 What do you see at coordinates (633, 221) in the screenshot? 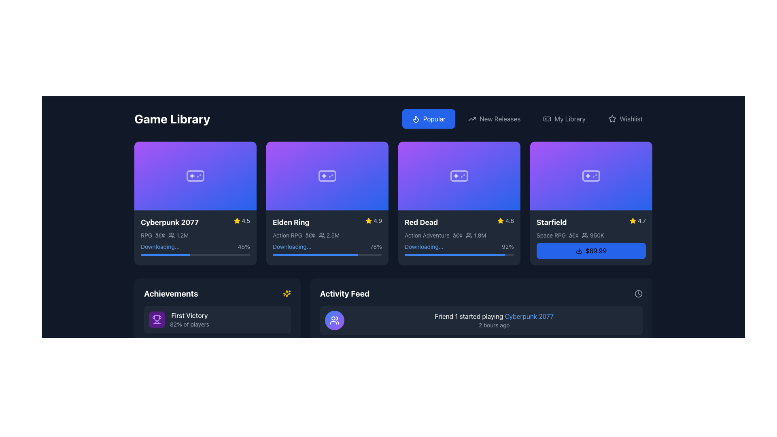
I see `the star-shaped rating indicator for the game 'Starfield'` at bounding box center [633, 221].